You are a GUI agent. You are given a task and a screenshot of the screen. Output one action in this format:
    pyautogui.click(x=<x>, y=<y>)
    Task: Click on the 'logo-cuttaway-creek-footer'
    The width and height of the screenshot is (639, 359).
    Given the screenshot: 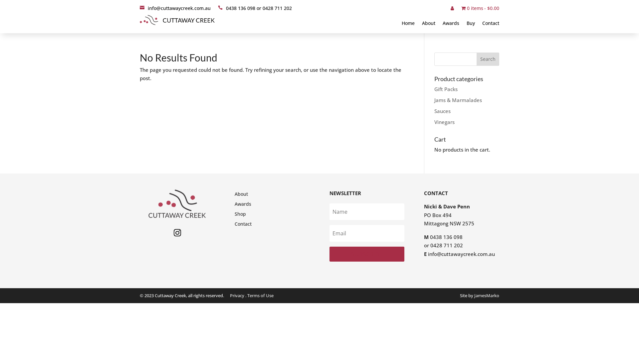 What is the action you would take?
    pyautogui.click(x=177, y=203)
    